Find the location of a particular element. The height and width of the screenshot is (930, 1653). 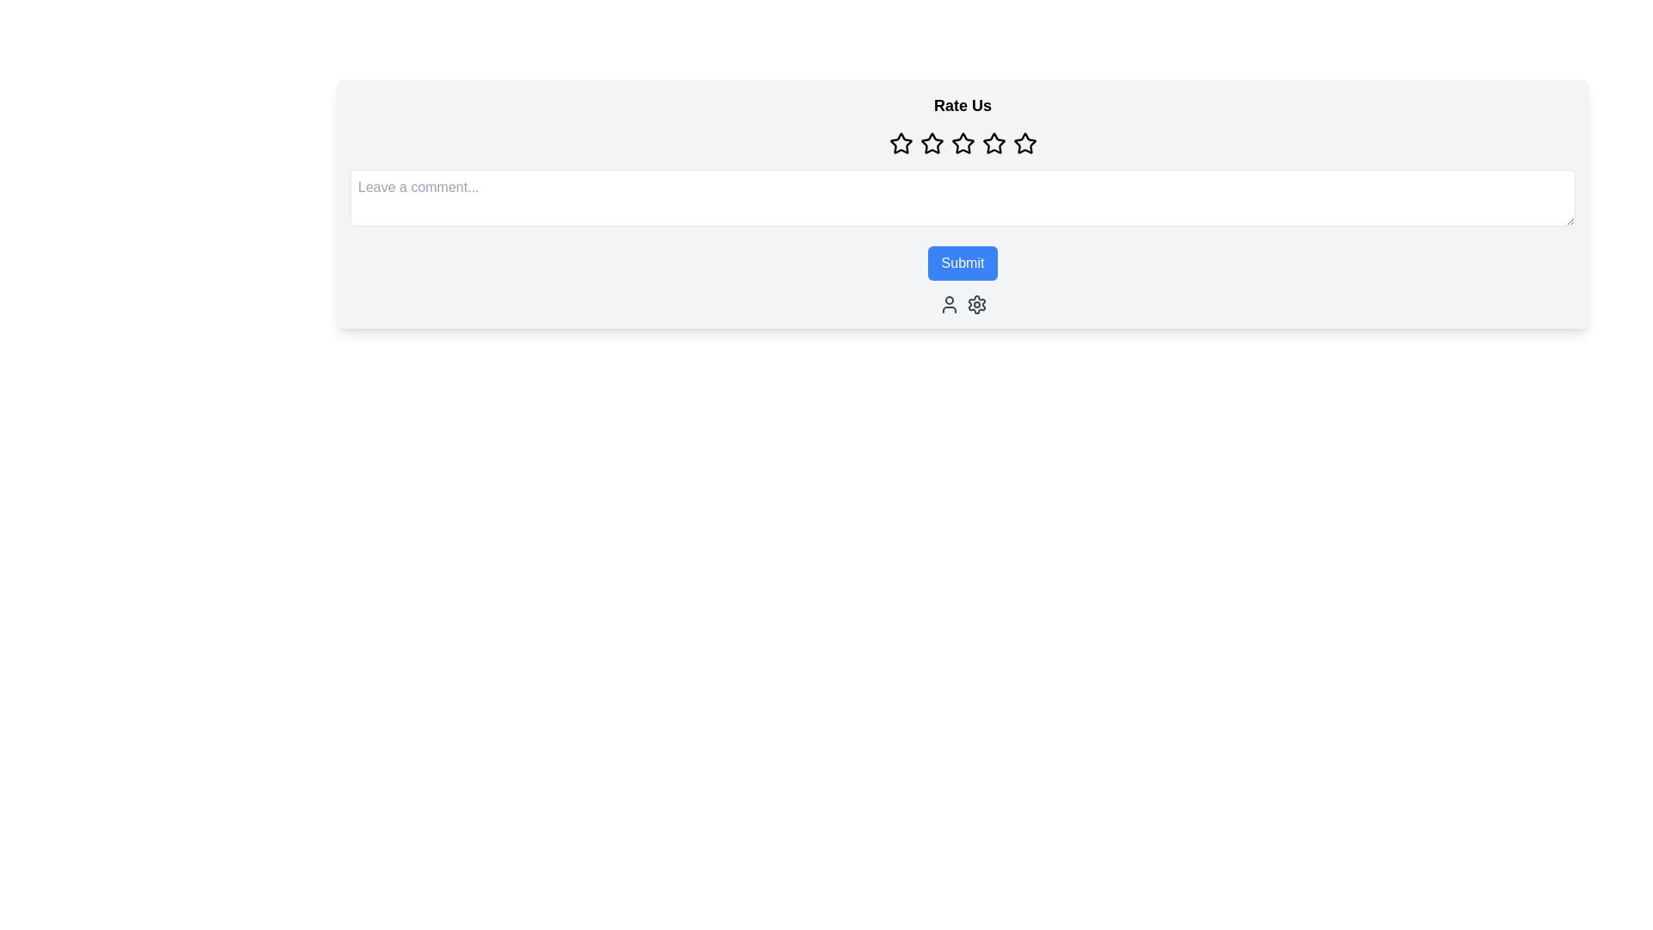

the bold text header labeled 'Rate Us', which is positioned at the top of the feedback section, above the star icons for rating is located at coordinates (962, 106).